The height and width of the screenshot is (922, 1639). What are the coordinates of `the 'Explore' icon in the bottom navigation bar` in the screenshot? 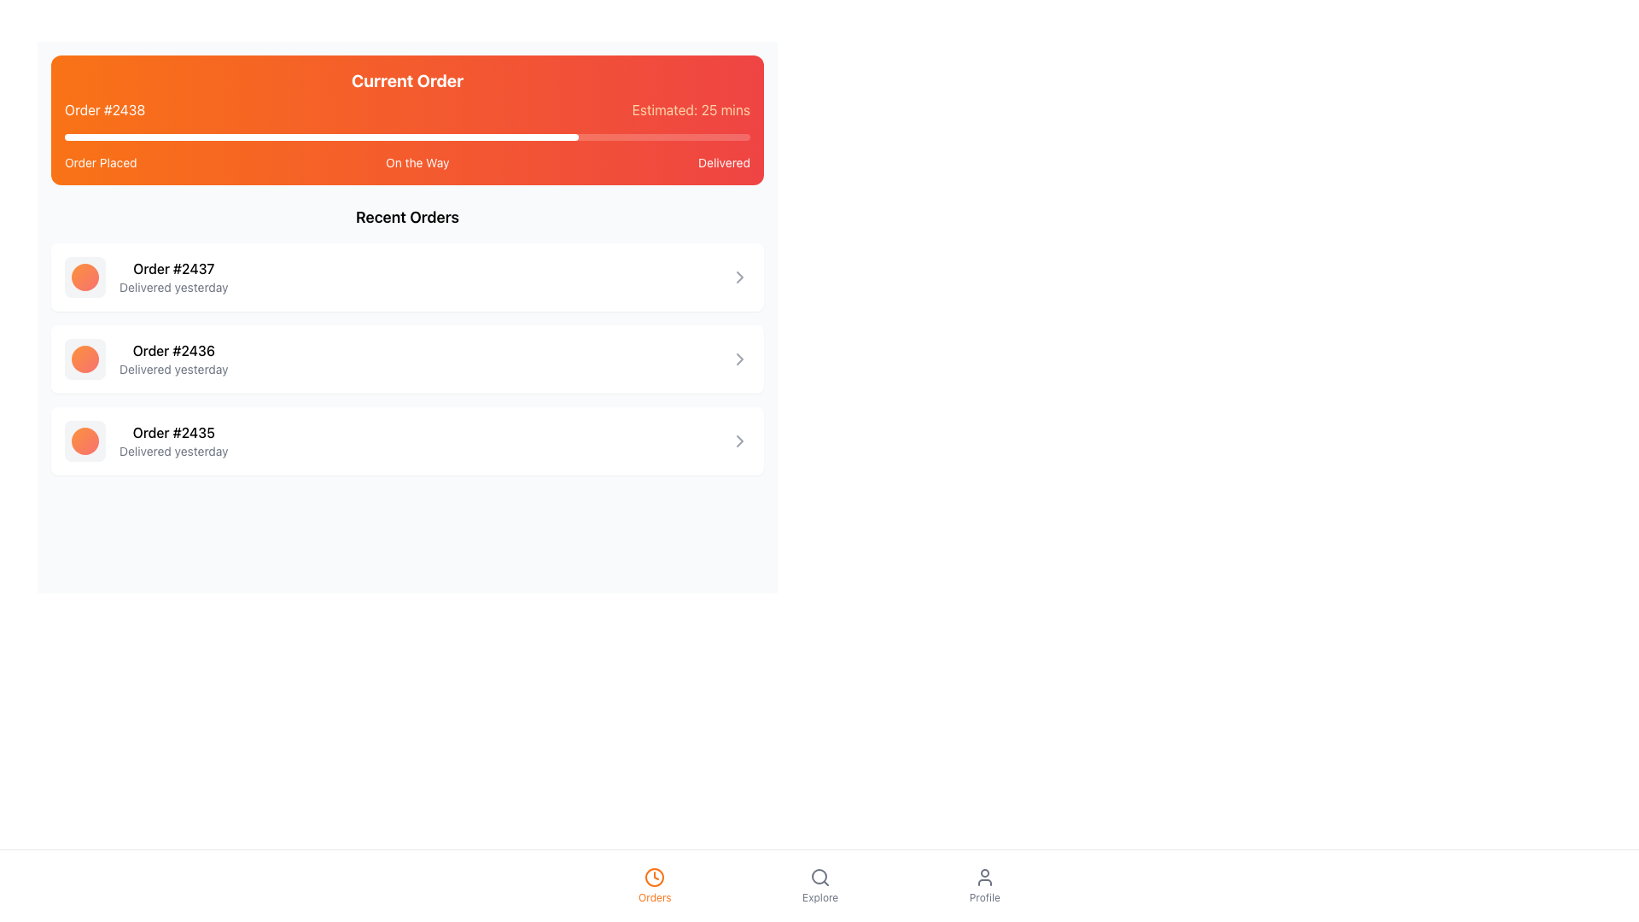 It's located at (820, 878).